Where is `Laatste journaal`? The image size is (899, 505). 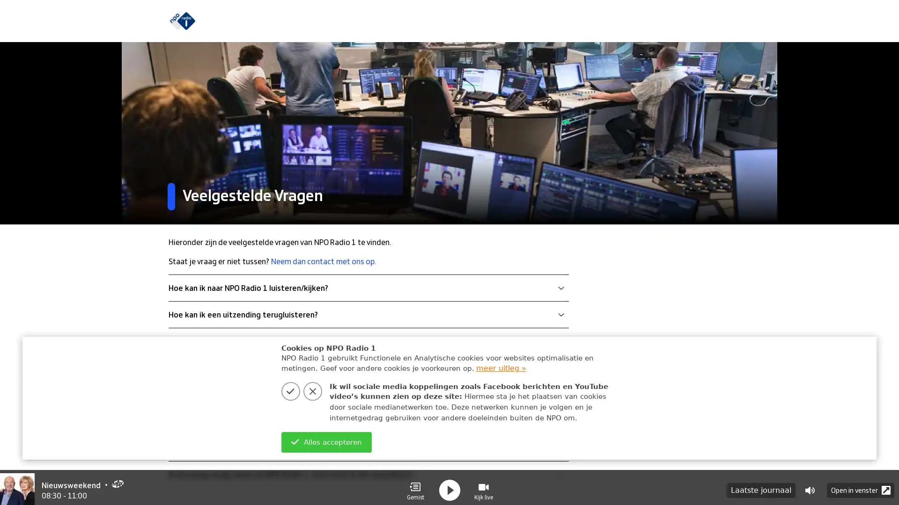 Laatste journaal is located at coordinates (761, 484).